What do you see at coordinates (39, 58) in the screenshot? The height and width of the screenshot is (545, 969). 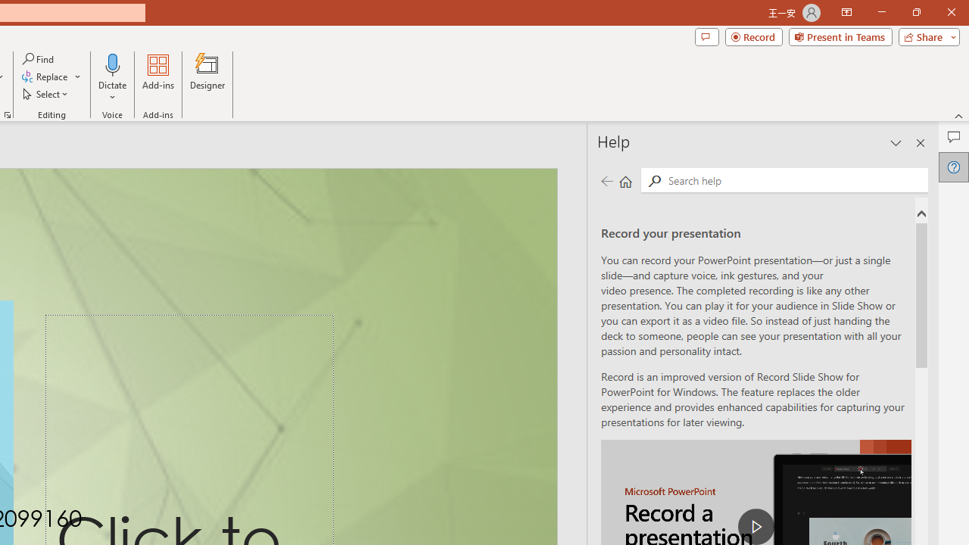 I see `'Find...'` at bounding box center [39, 58].